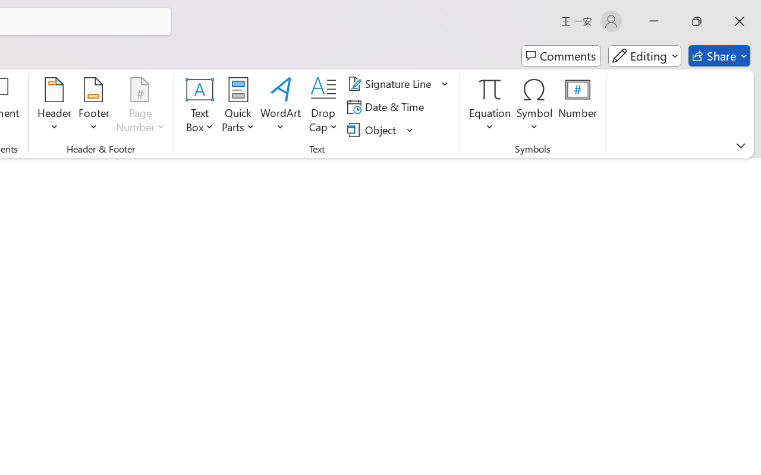  What do you see at coordinates (398, 84) in the screenshot?
I see `'Signature Line'` at bounding box center [398, 84].